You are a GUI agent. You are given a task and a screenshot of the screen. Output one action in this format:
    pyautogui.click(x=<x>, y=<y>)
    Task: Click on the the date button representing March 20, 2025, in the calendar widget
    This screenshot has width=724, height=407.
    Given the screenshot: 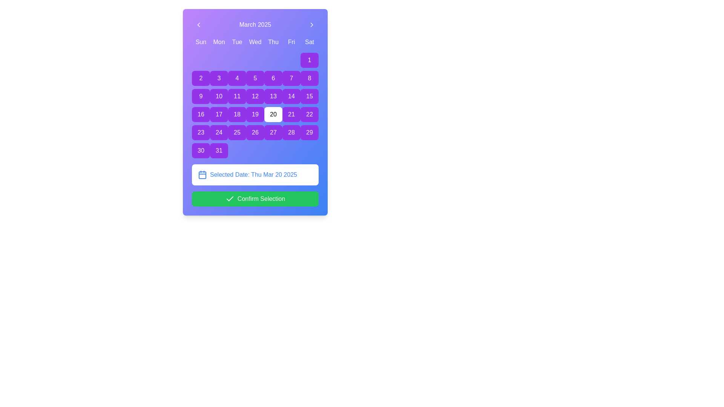 What is the action you would take?
    pyautogui.click(x=273, y=115)
    